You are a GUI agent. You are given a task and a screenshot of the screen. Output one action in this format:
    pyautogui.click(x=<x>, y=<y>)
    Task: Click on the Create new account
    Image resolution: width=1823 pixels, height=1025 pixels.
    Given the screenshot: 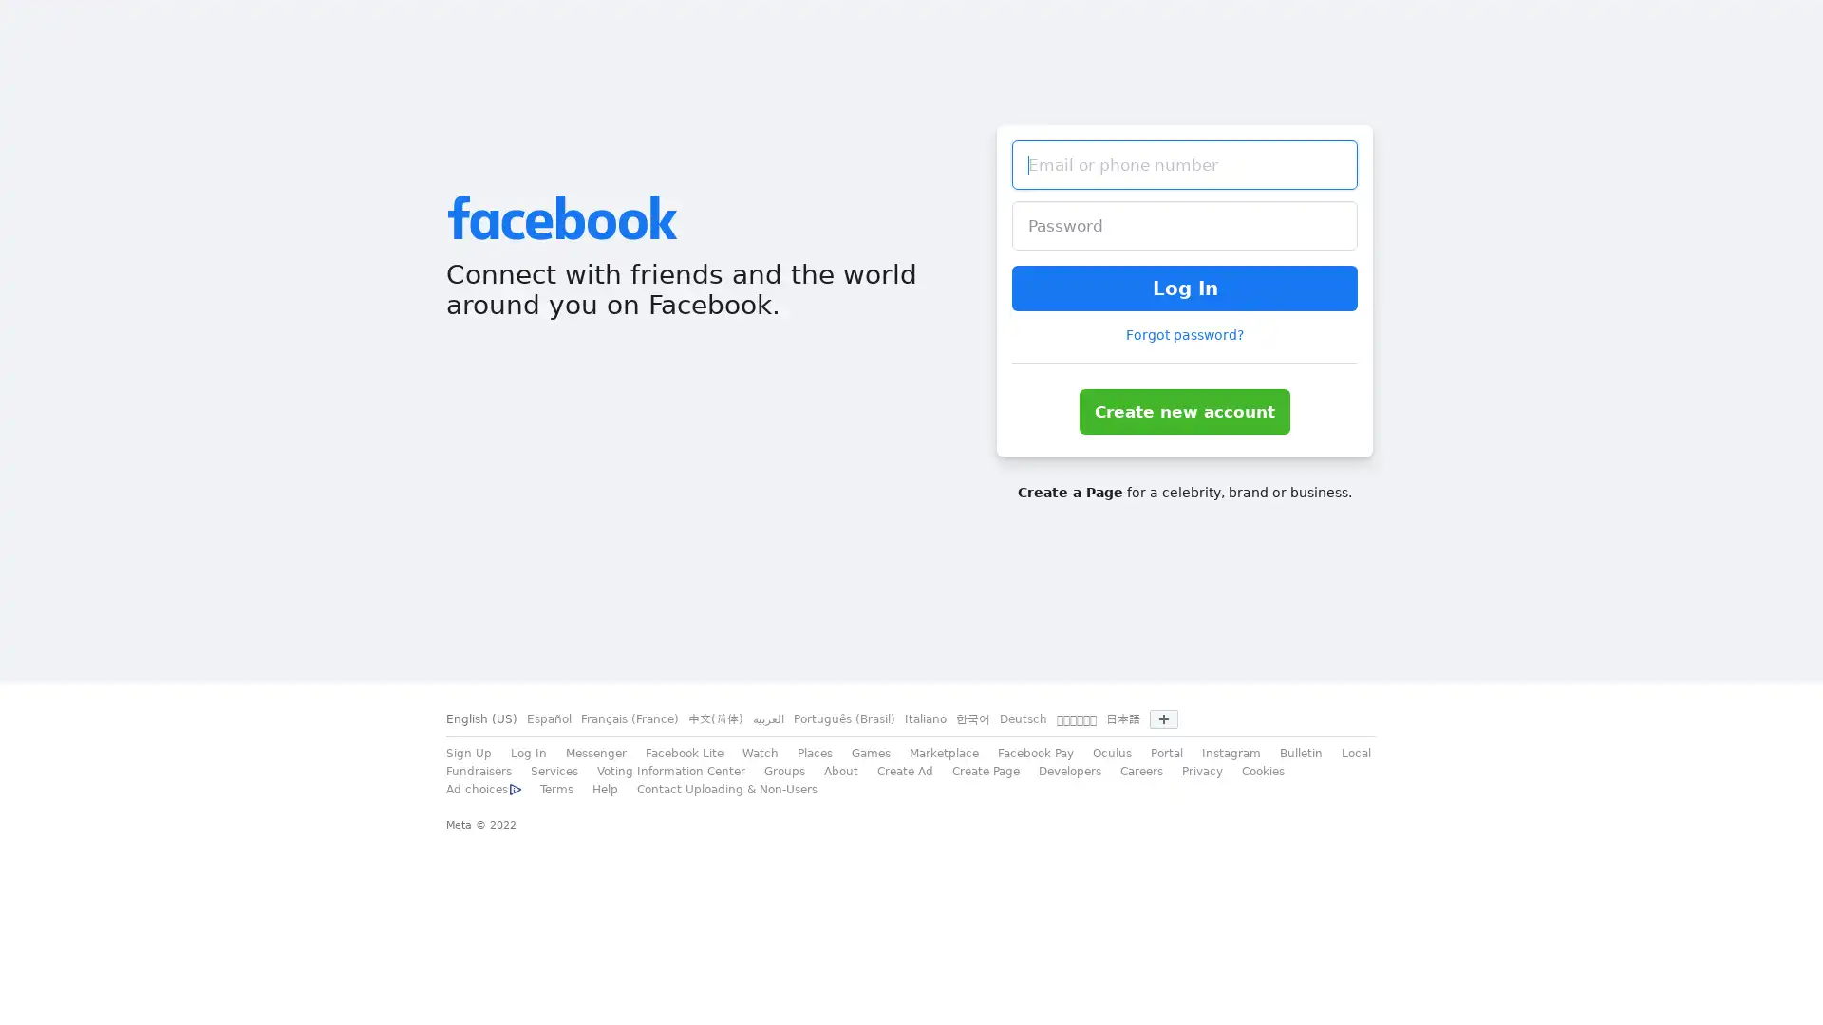 What is the action you would take?
    pyautogui.click(x=1184, y=409)
    